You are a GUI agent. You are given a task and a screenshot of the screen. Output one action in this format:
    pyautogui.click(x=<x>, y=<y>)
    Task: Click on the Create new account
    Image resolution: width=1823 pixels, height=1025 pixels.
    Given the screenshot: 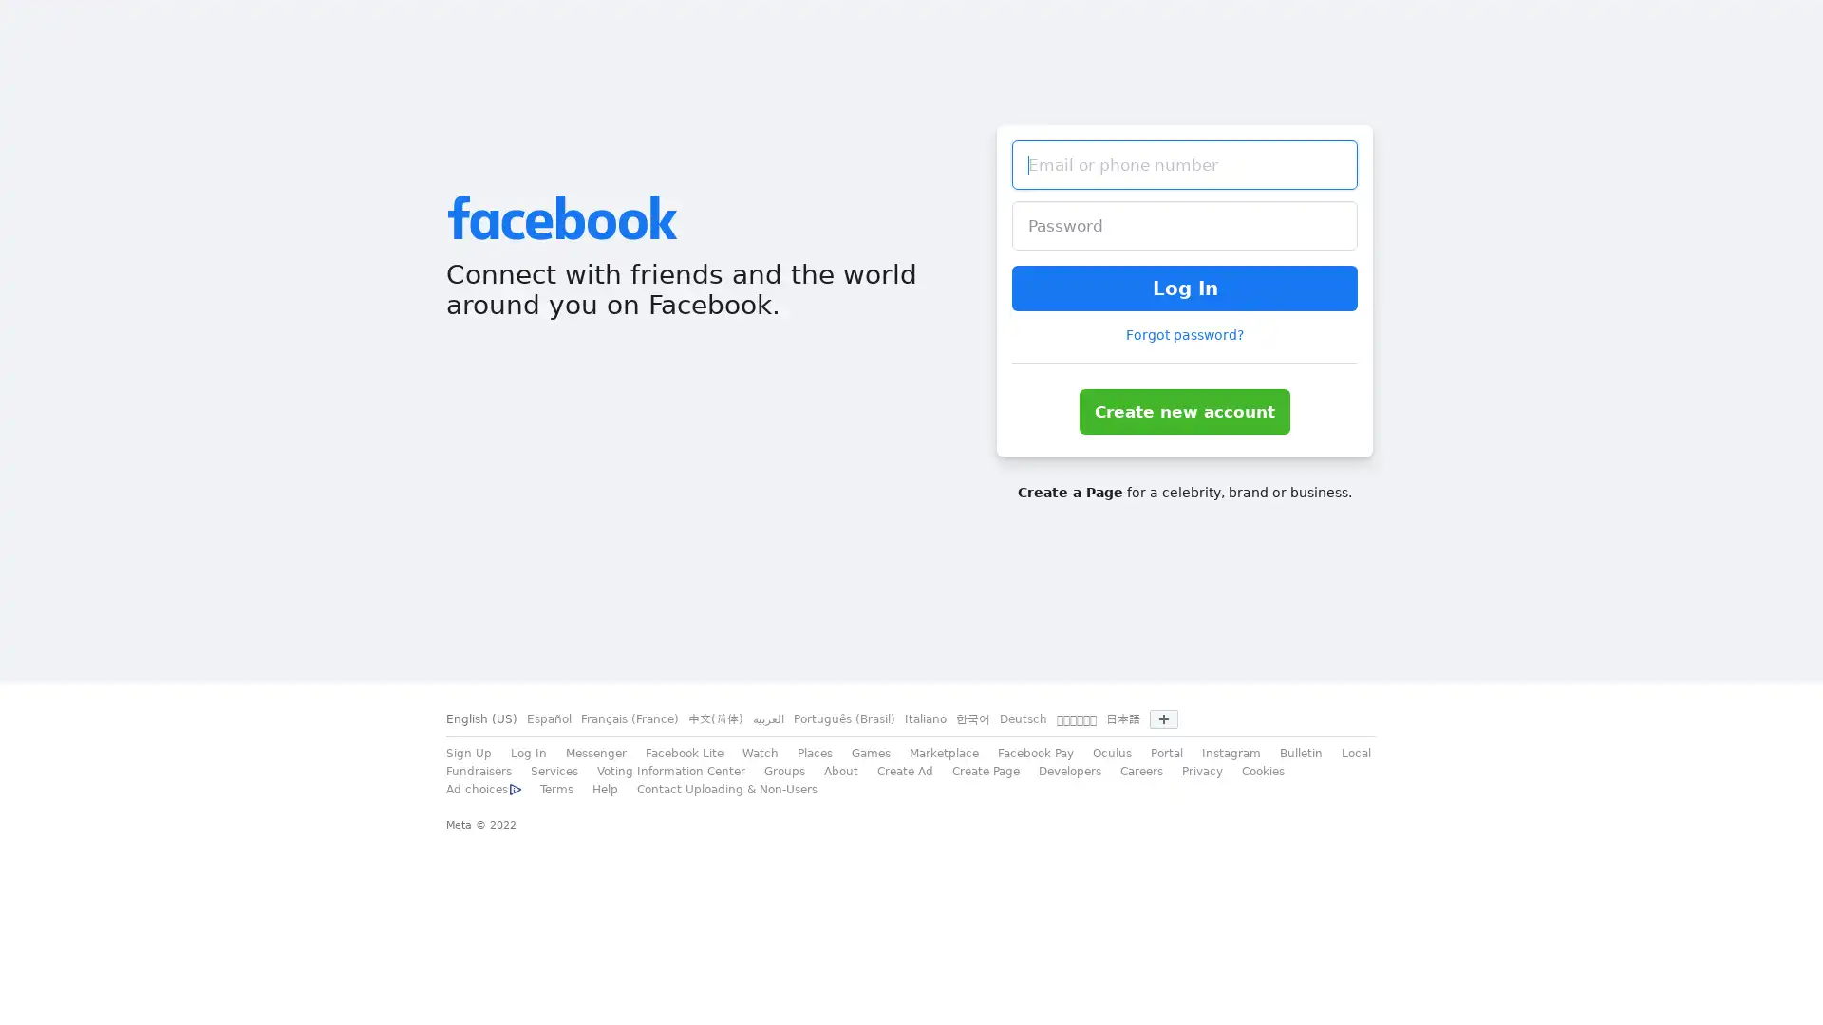 What is the action you would take?
    pyautogui.click(x=1184, y=409)
    